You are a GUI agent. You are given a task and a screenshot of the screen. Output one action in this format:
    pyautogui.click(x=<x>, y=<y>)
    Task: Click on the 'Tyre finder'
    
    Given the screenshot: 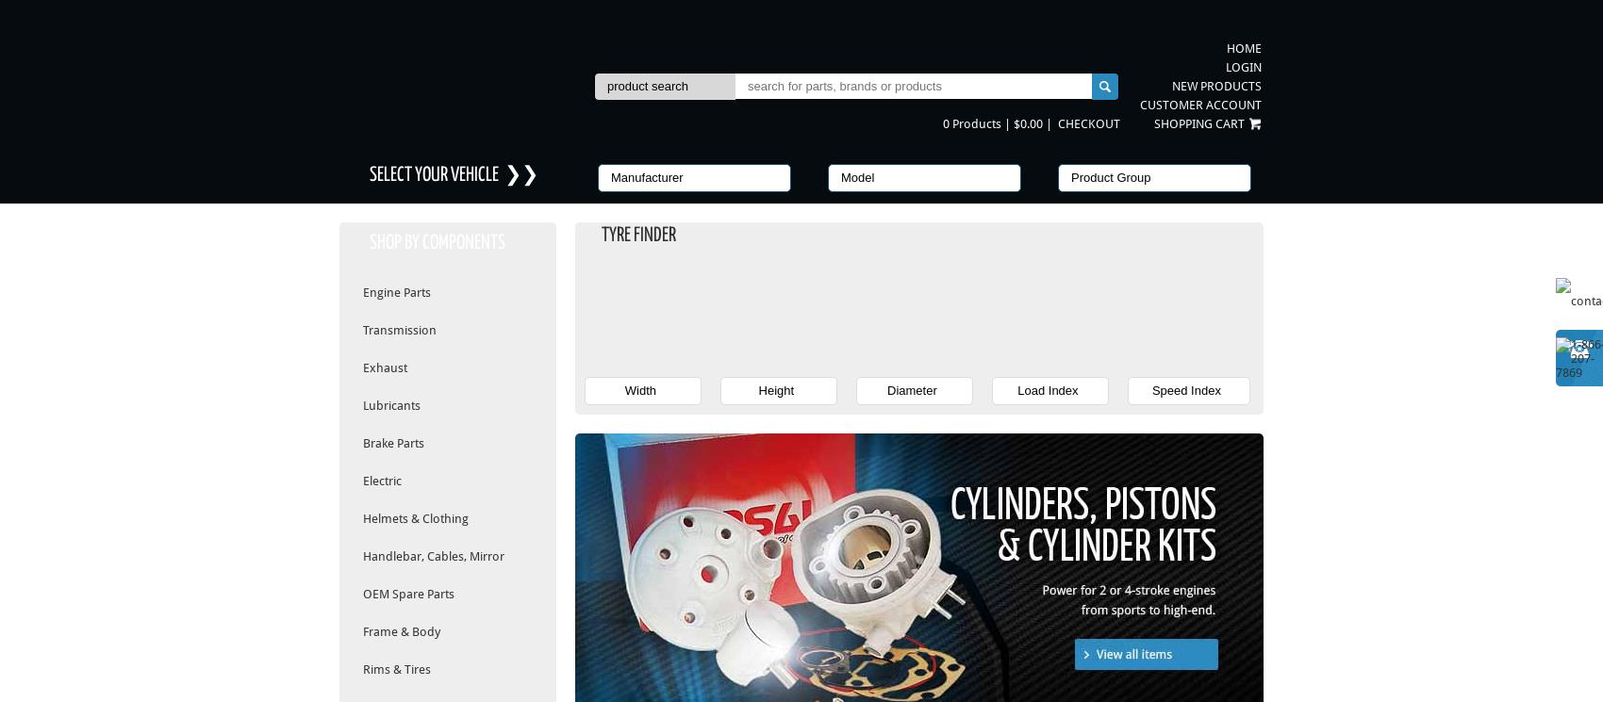 What is the action you would take?
    pyautogui.click(x=638, y=235)
    